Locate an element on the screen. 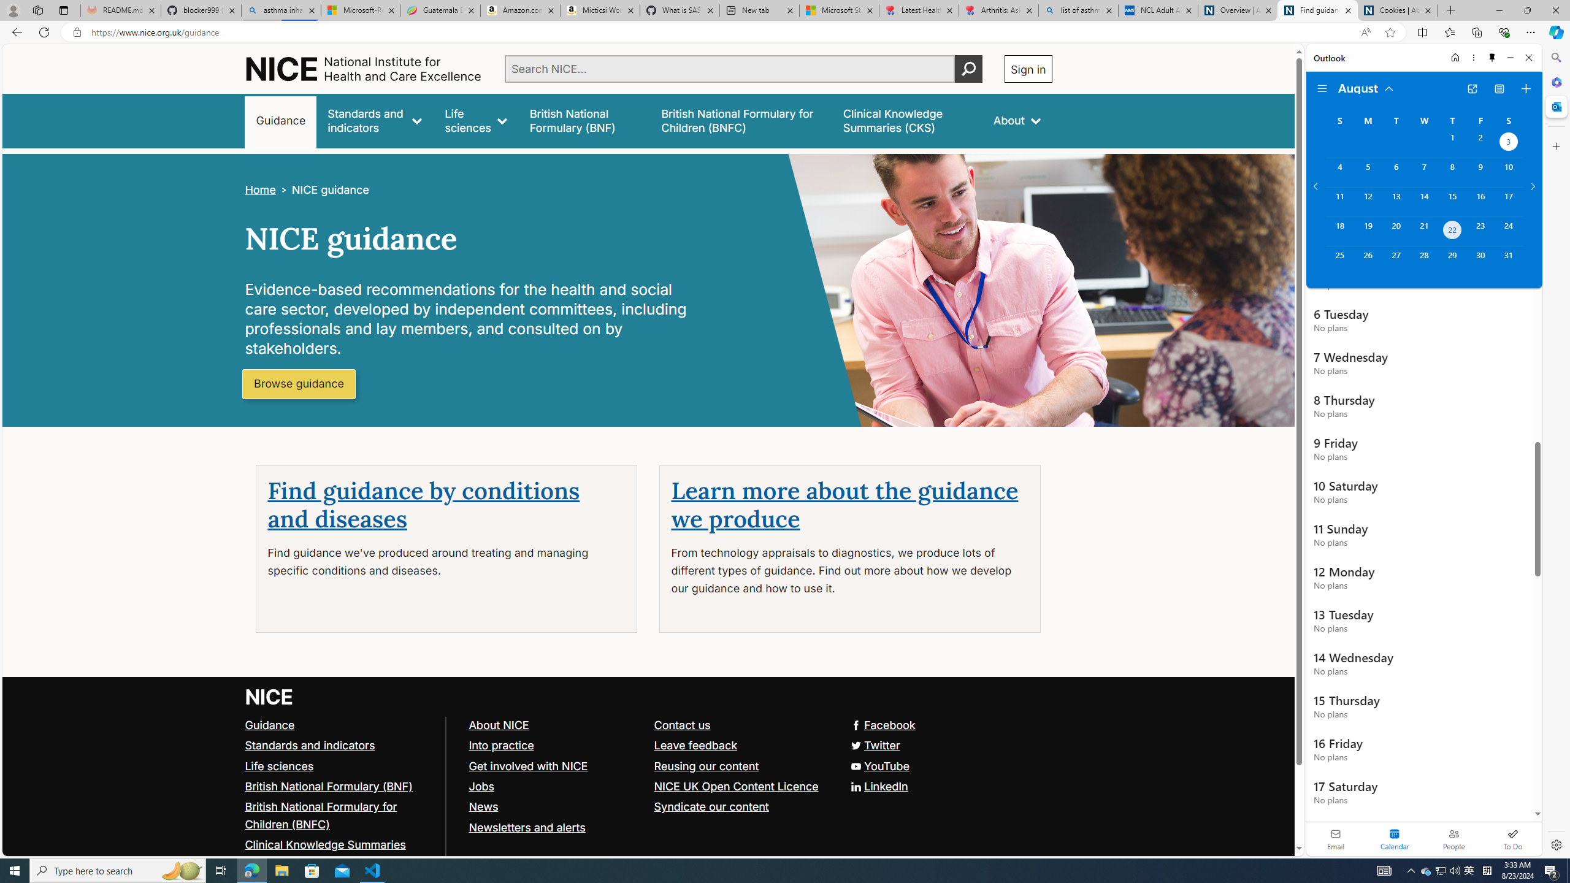 This screenshot has height=883, width=1570. 'Open in new tab' is located at coordinates (1472, 89).